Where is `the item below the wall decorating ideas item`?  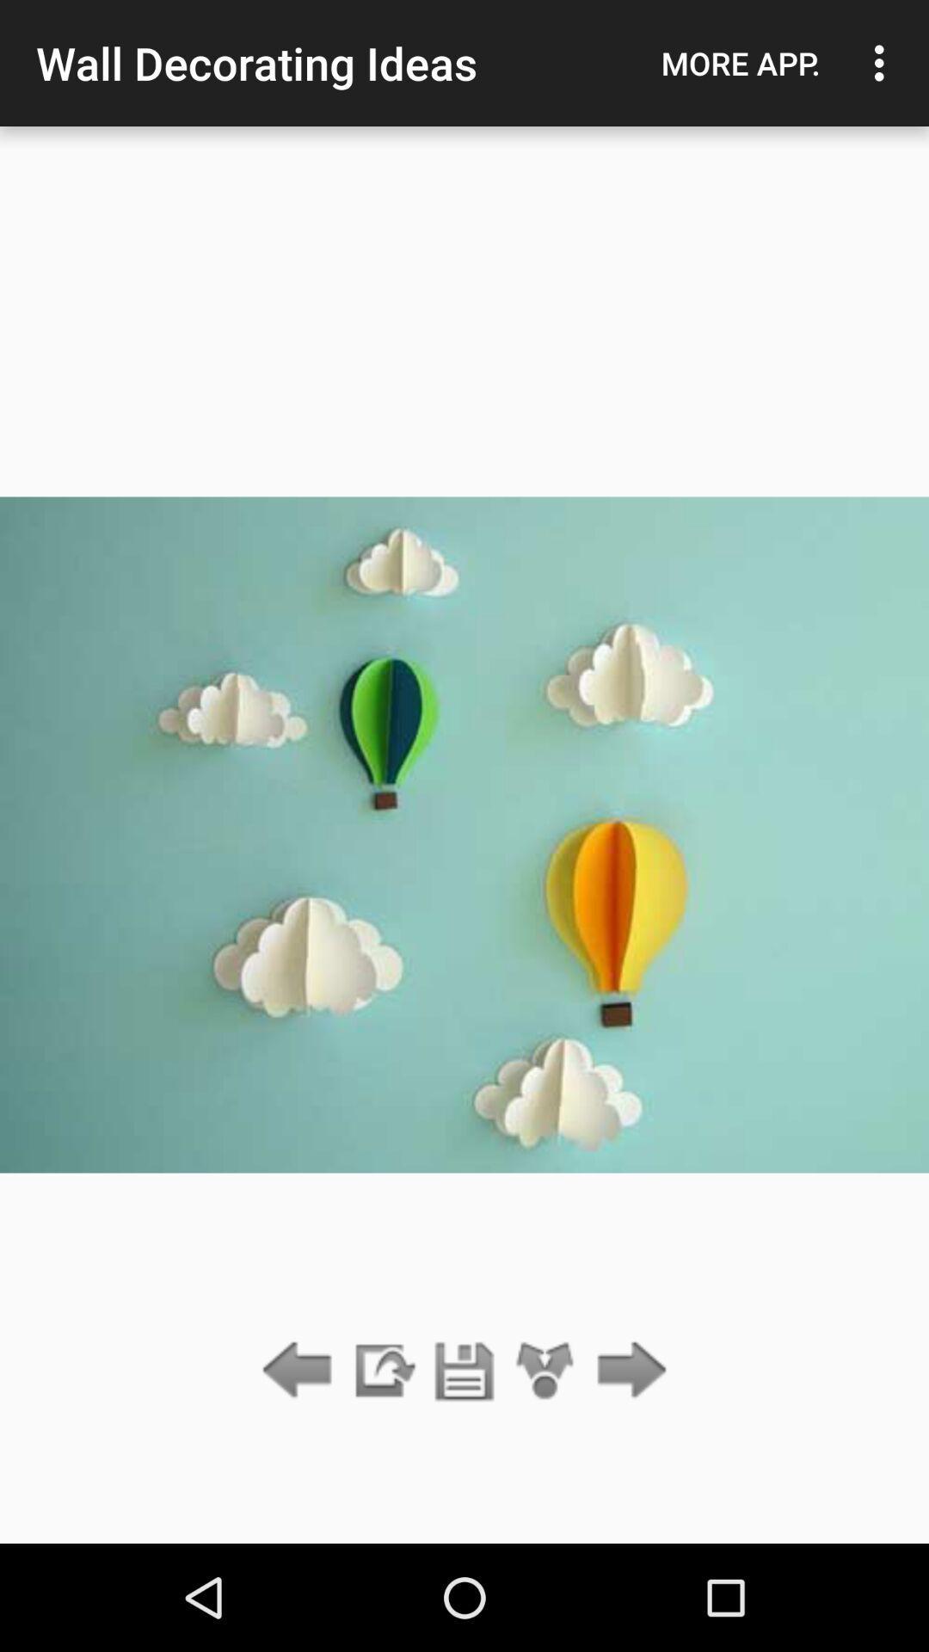 the item below the wall decorating ideas item is located at coordinates (382, 1371).